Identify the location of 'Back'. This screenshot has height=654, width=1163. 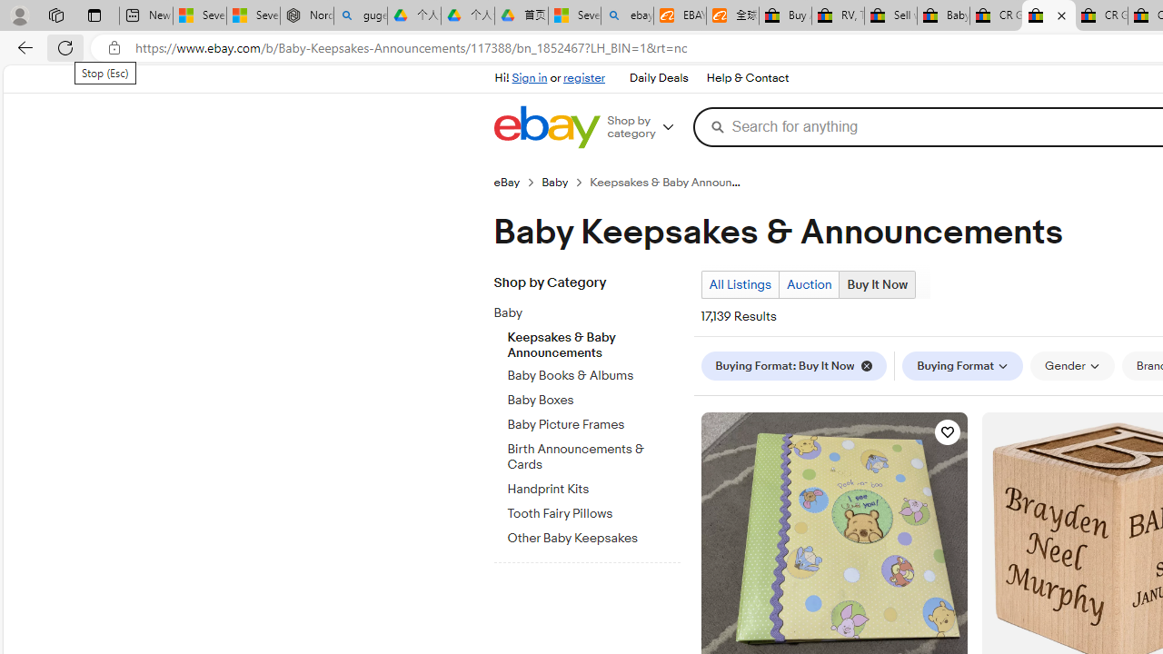
(22, 46).